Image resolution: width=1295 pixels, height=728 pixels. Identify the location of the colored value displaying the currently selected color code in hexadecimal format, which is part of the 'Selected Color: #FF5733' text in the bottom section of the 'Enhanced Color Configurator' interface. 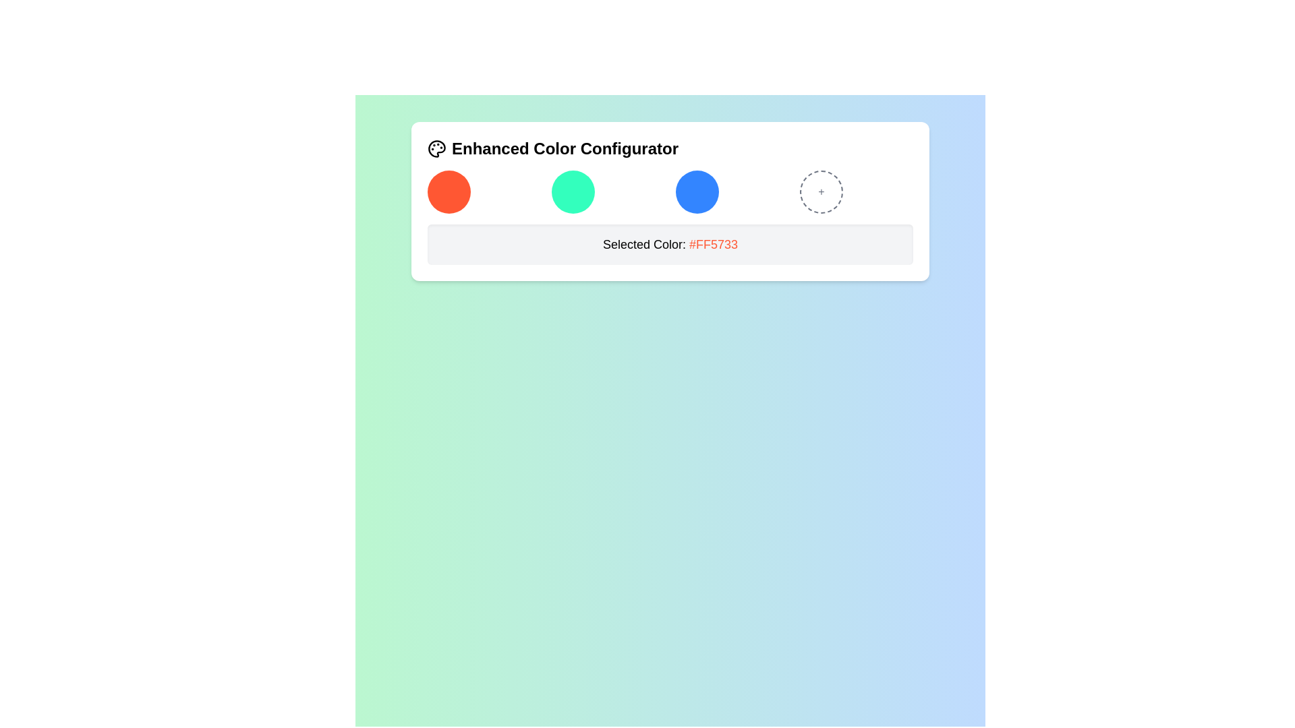
(713, 244).